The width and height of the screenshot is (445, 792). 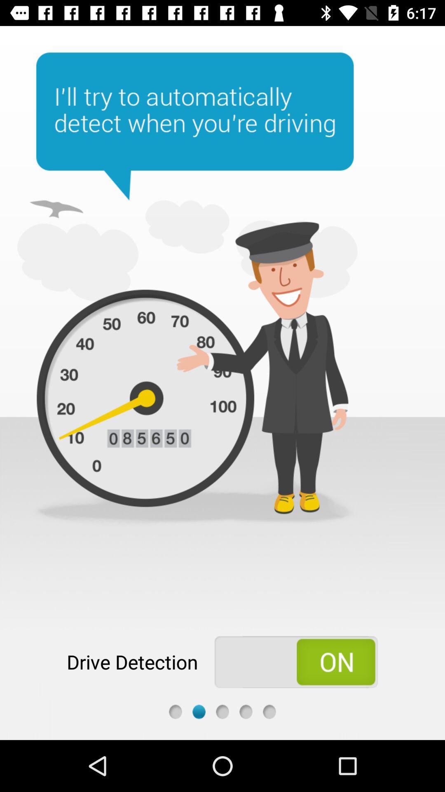 What do you see at coordinates (175, 711) in the screenshot?
I see `move back one slide` at bounding box center [175, 711].